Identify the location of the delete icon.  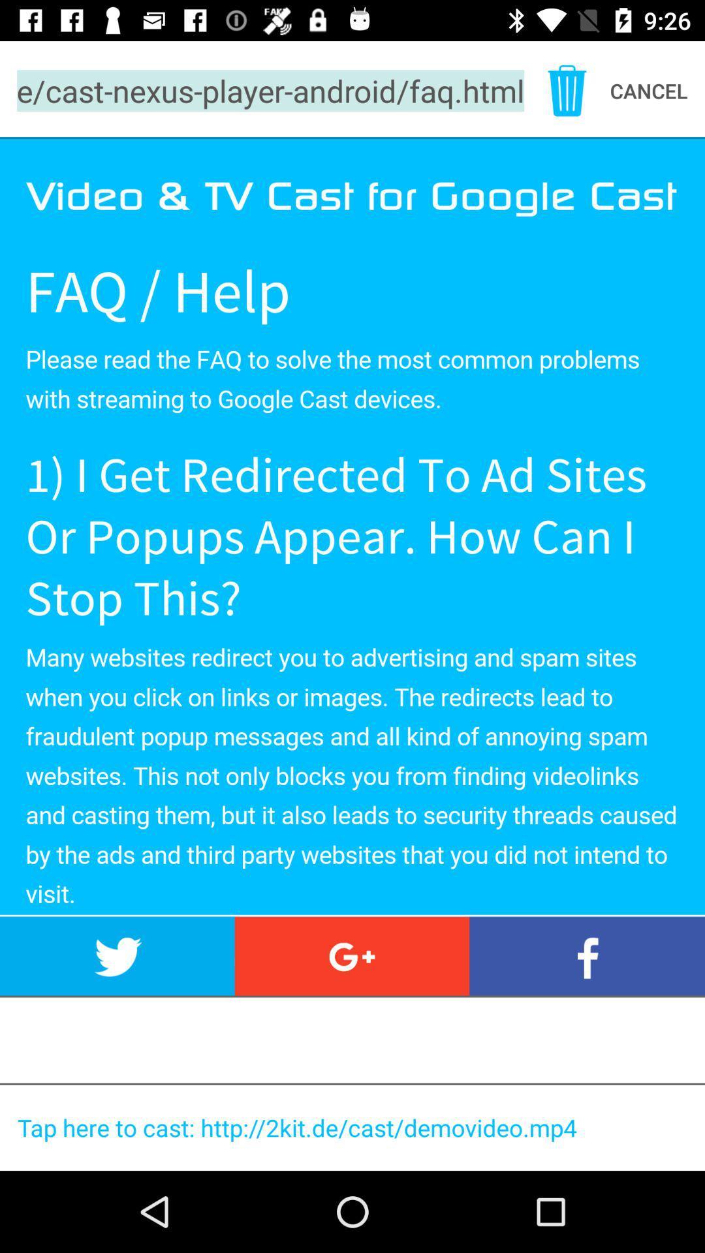
(566, 90).